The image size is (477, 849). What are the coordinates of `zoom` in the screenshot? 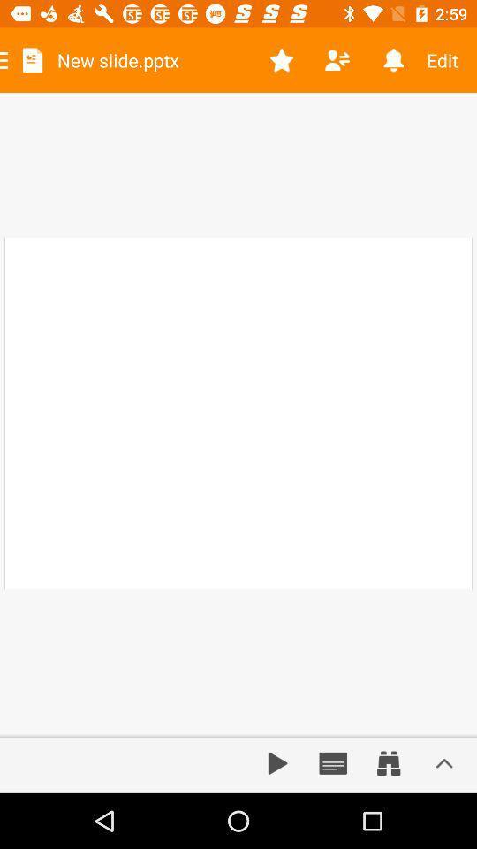 It's located at (389, 762).